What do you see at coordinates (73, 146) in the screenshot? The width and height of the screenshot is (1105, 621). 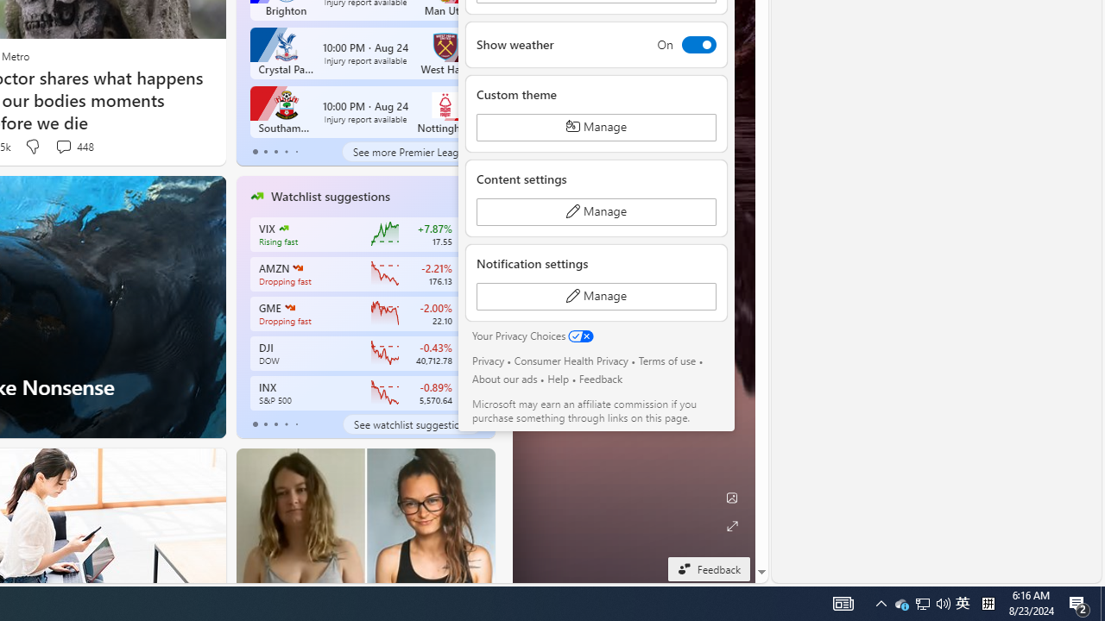 I see `'View comments 448 Comment'` at bounding box center [73, 146].